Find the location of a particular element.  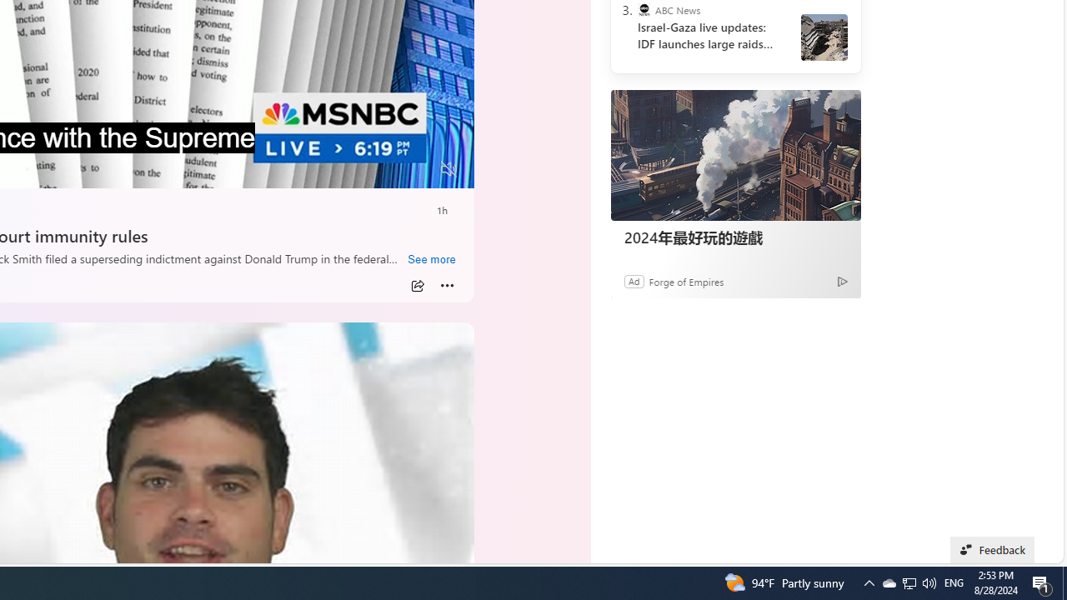

'Forge of Empires' is located at coordinates (686, 280).